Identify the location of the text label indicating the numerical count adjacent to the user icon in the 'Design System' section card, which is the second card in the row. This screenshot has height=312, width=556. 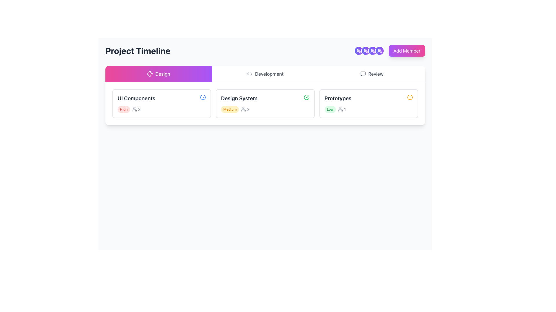
(248, 109).